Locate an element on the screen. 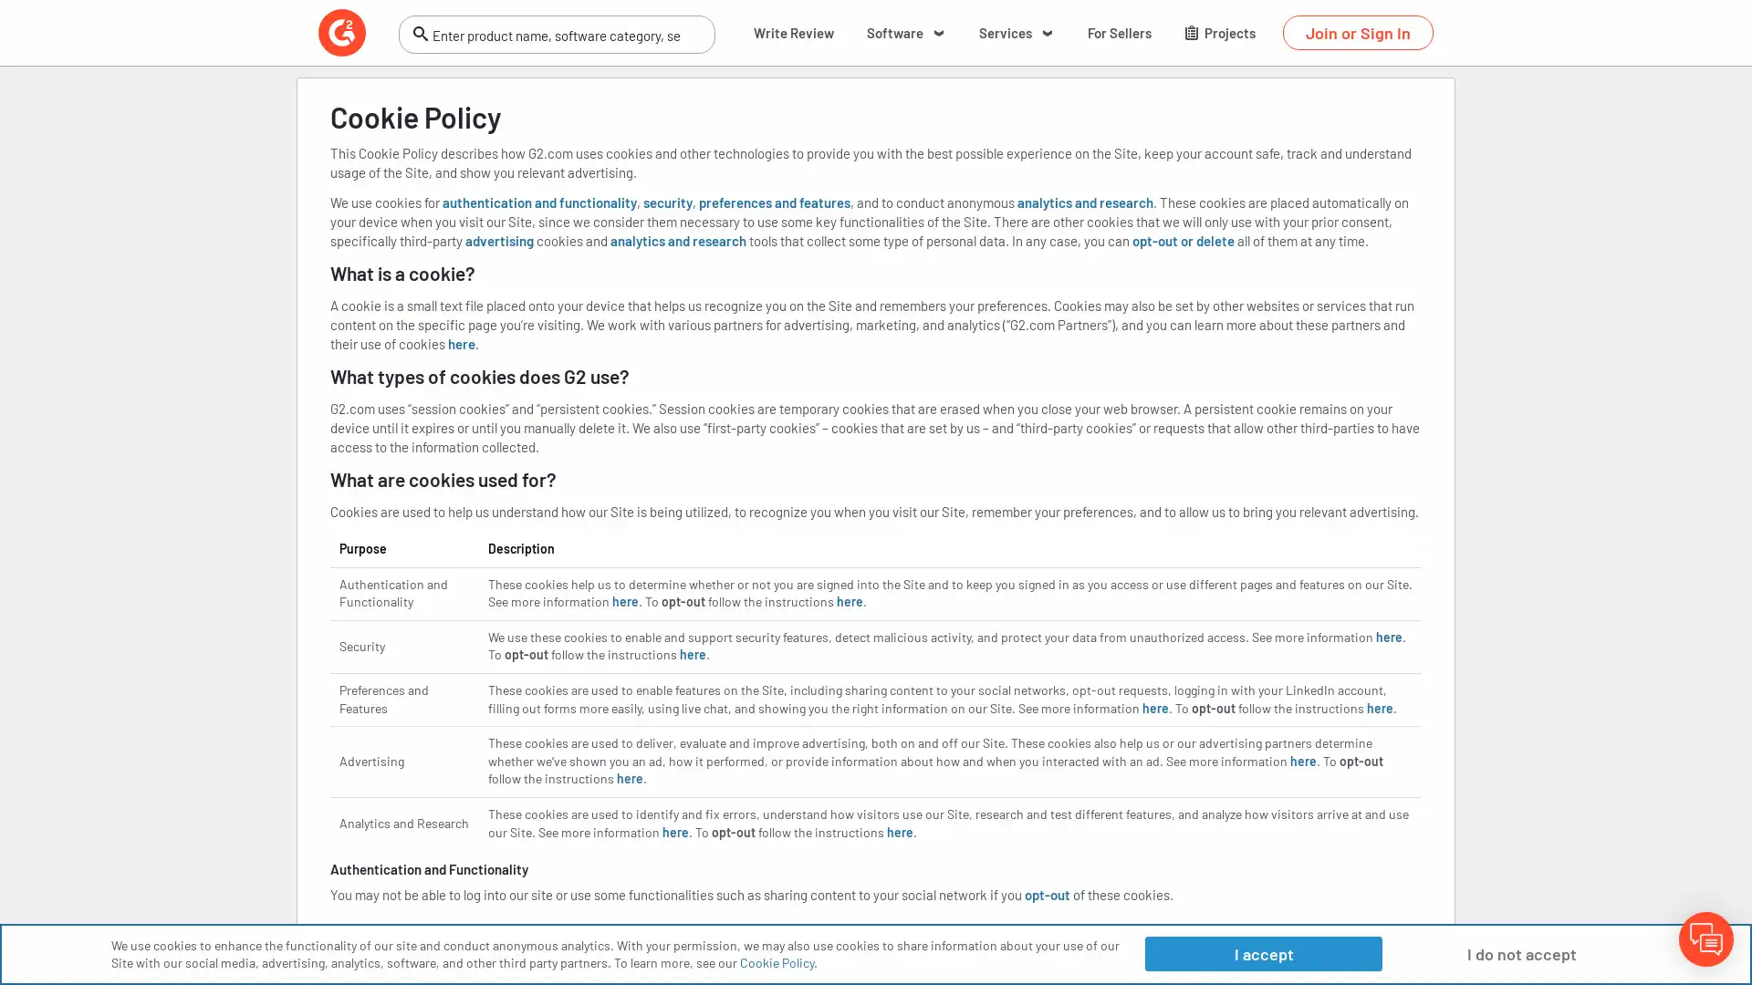 This screenshot has width=1752, height=985. I do not accept is located at coordinates (1521, 952).